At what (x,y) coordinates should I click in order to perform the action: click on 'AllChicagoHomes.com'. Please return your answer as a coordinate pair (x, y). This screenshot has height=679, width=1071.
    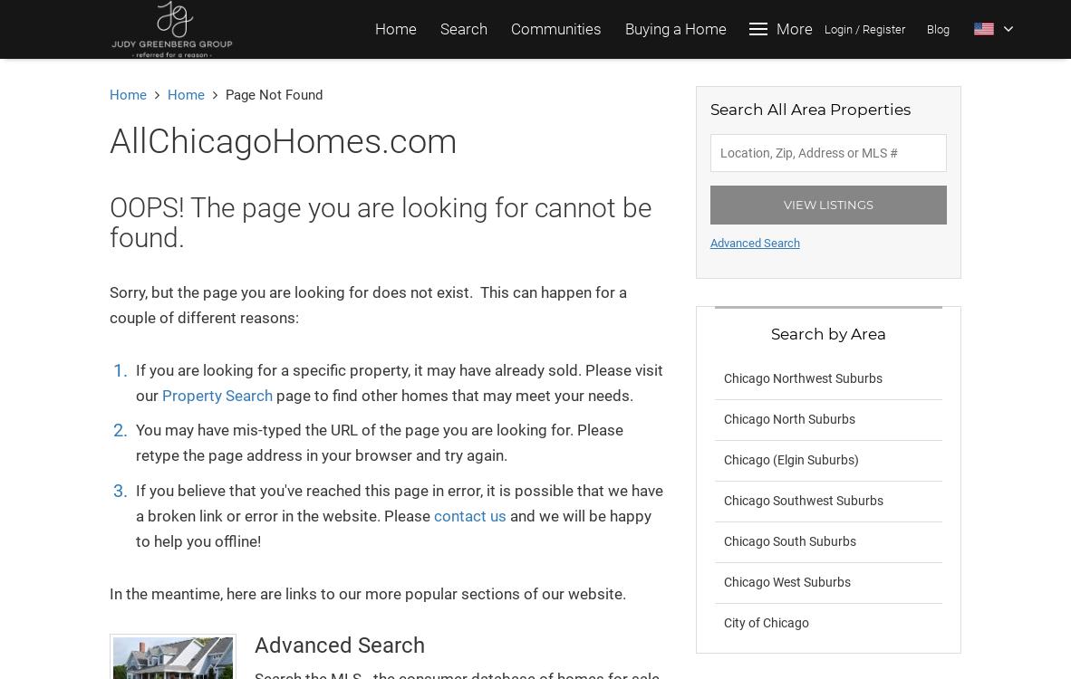
    Looking at the image, I should click on (283, 141).